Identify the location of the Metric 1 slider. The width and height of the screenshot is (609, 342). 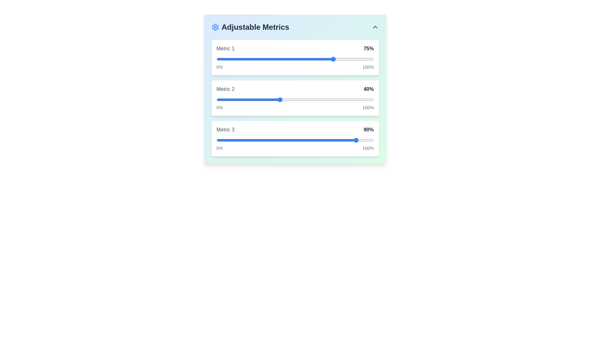
(264, 59).